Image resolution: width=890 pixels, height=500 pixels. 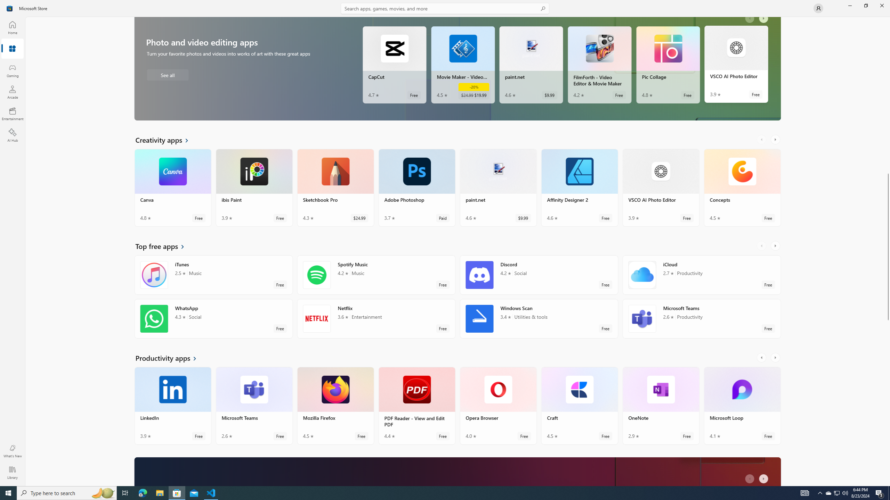 I want to click on 'See all  Top free apps', so click(x=164, y=249).